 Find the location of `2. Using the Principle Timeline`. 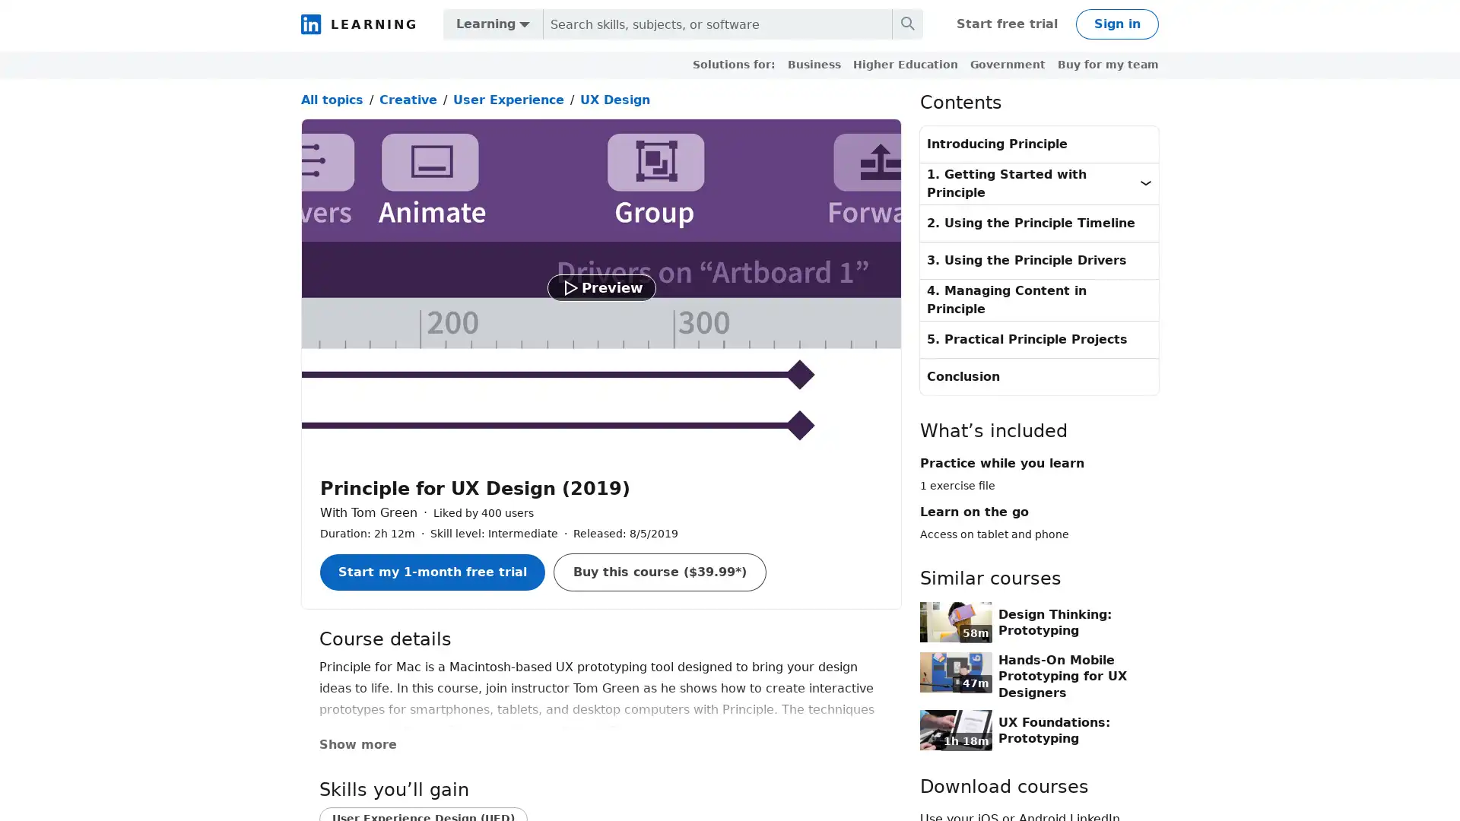

2. Using the Principle Timeline is located at coordinates (1039, 223).